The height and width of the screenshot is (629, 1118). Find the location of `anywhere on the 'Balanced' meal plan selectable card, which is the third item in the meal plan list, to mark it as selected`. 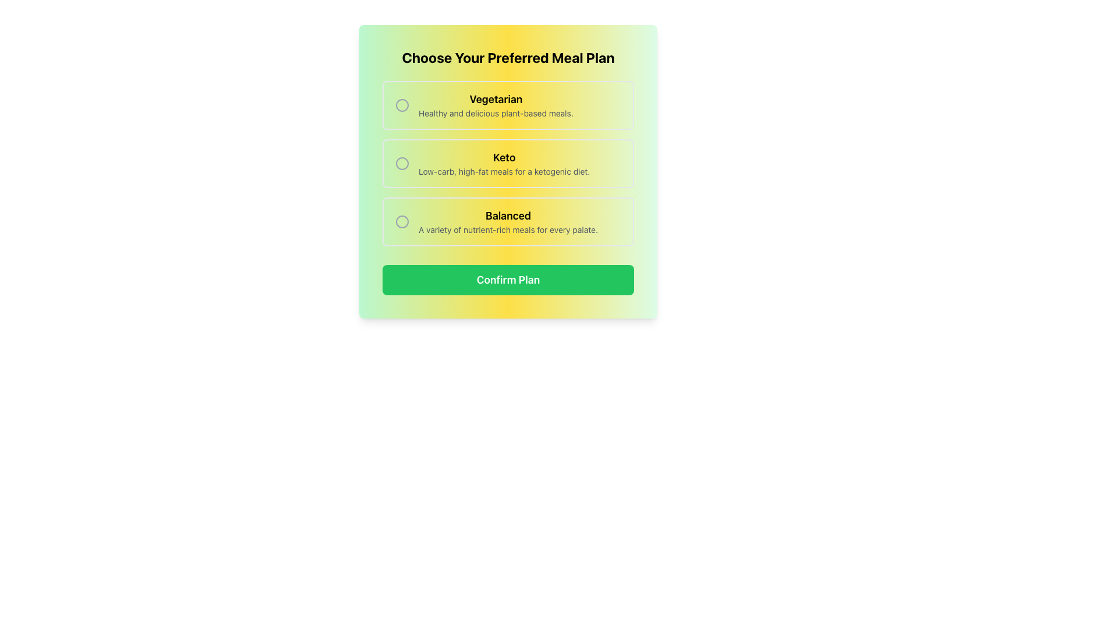

anywhere on the 'Balanced' meal plan selectable card, which is the third item in the meal plan list, to mark it as selected is located at coordinates (508, 222).